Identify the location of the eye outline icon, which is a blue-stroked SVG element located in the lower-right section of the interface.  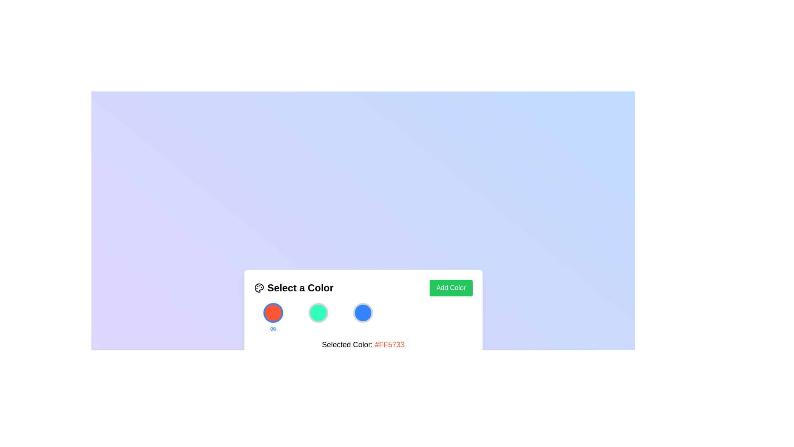
(273, 328).